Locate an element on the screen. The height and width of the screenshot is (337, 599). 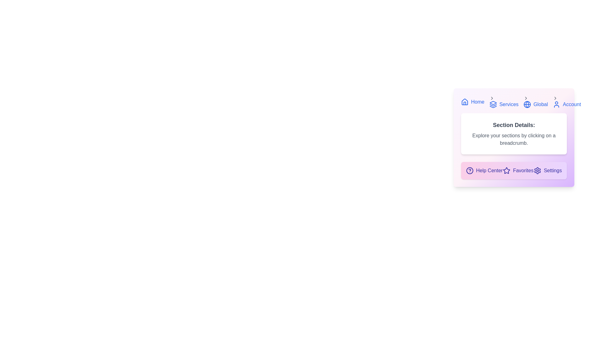
the text label that serves as a hyperlink for navigating to account-related settings, located in the top right corner of the horizontal navigation bar is located at coordinates (572, 104).